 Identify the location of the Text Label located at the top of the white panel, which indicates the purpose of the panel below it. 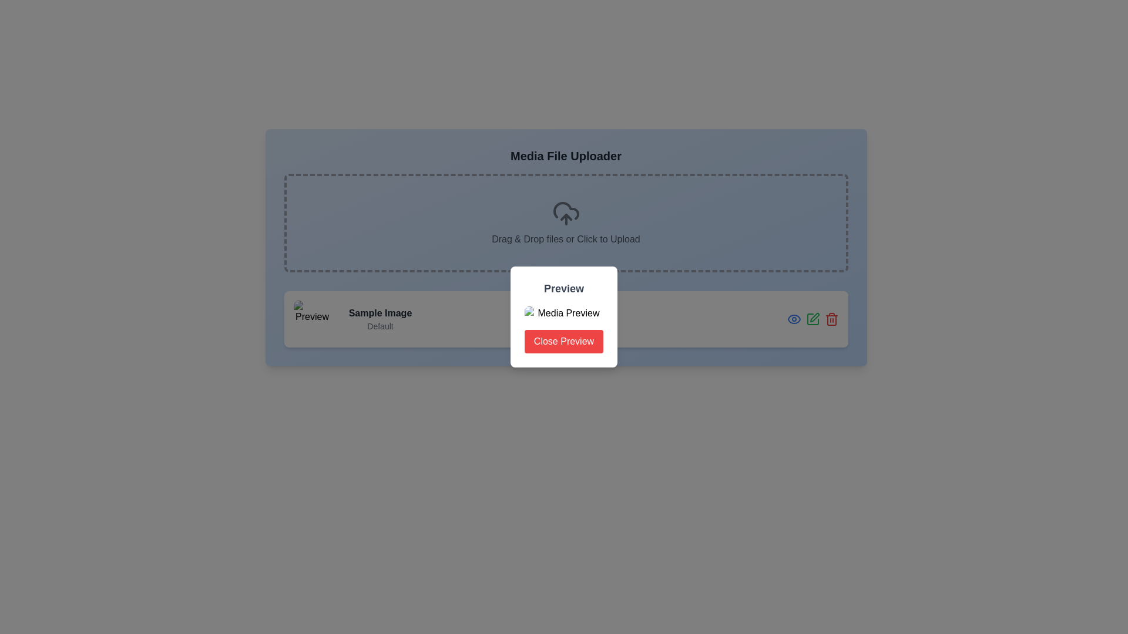
(564, 289).